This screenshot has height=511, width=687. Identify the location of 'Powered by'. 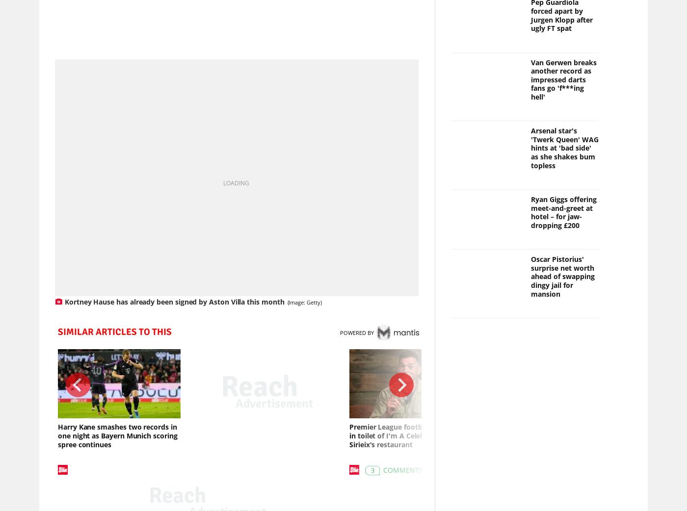
(356, 334).